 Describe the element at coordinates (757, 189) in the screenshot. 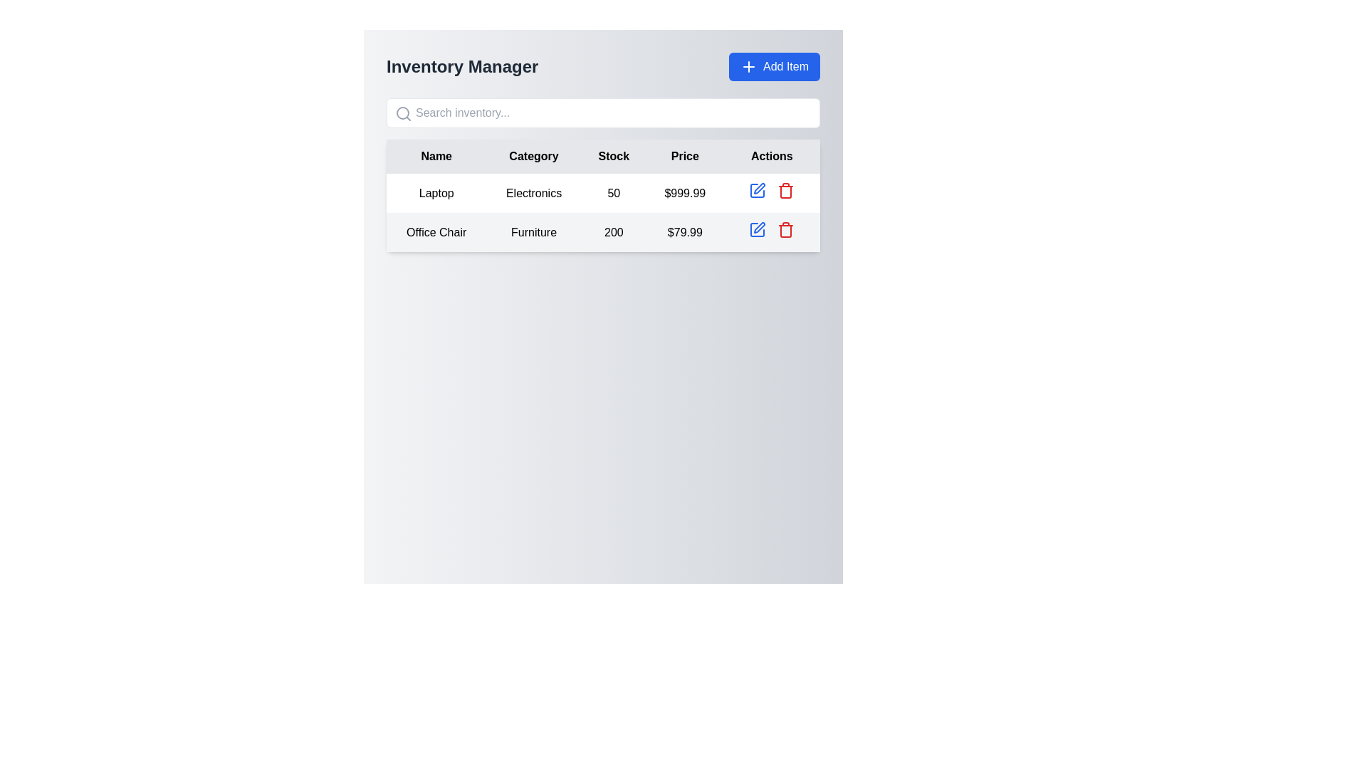

I see `the edit action button, which is a blue stroked icon resembling a pencil located in the 'Actions' column of the first row in the data table` at that location.